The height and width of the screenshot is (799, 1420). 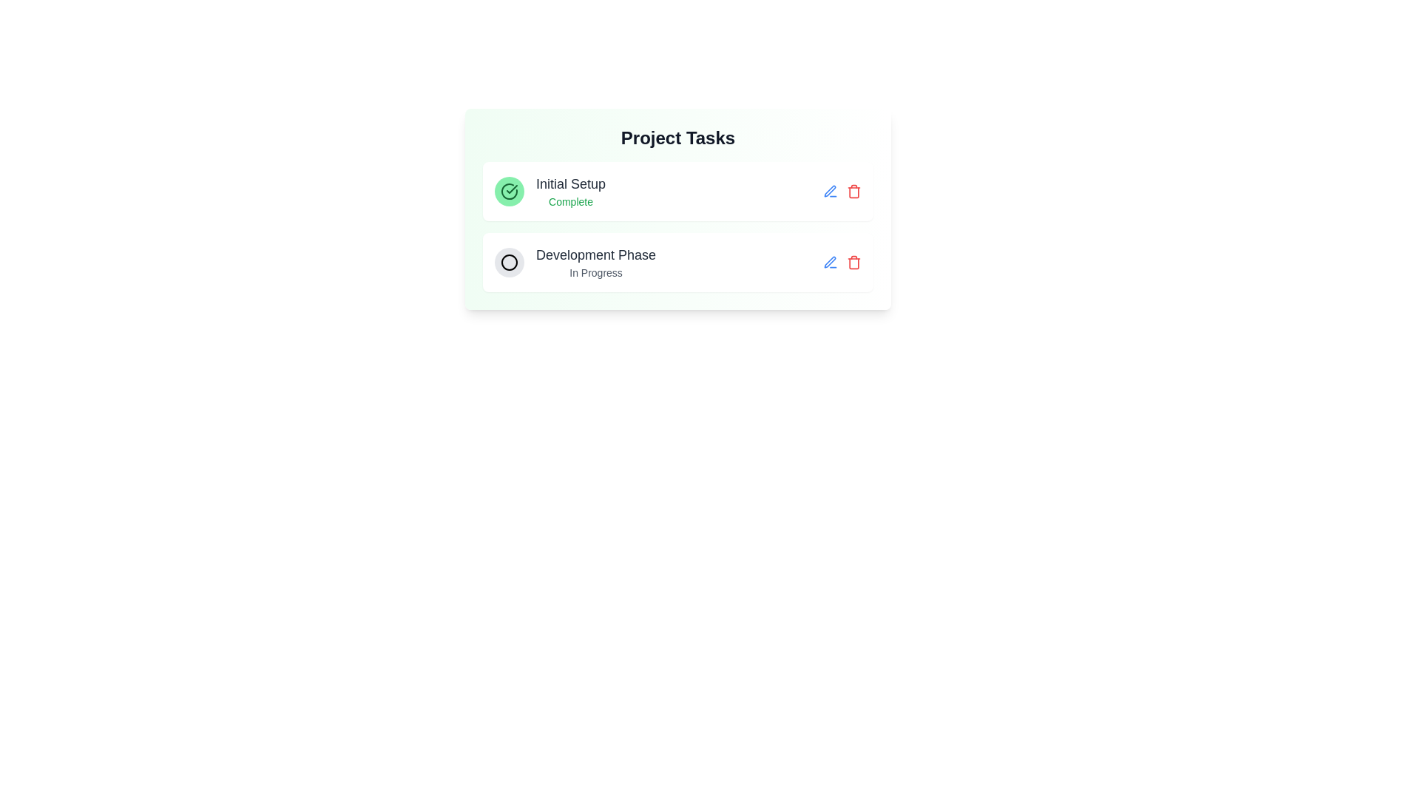 I want to click on the 'Development Phase' text display, which shows 'Development Phase' in bold dark gray and 'In Progress' in lighter gray, located below the 'Initial Setup' task in the project tasks list, so click(x=596, y=261).